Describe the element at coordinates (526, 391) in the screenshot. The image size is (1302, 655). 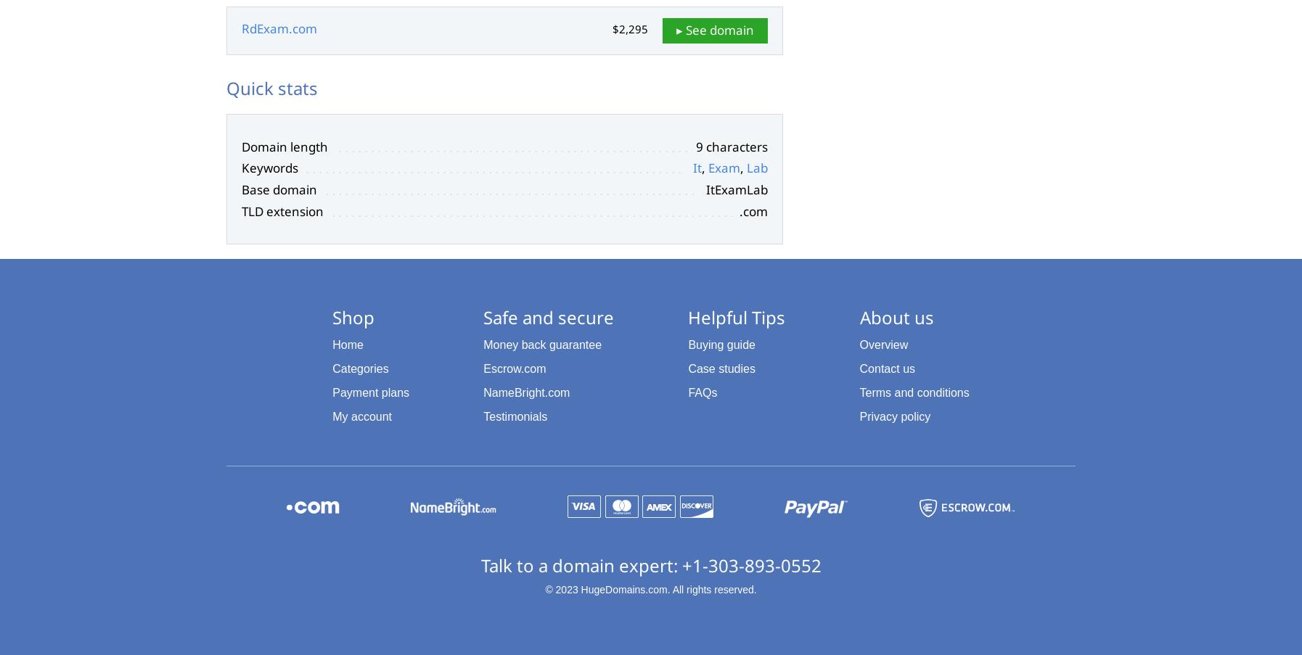
I see `'NameBright.com'` at that location.